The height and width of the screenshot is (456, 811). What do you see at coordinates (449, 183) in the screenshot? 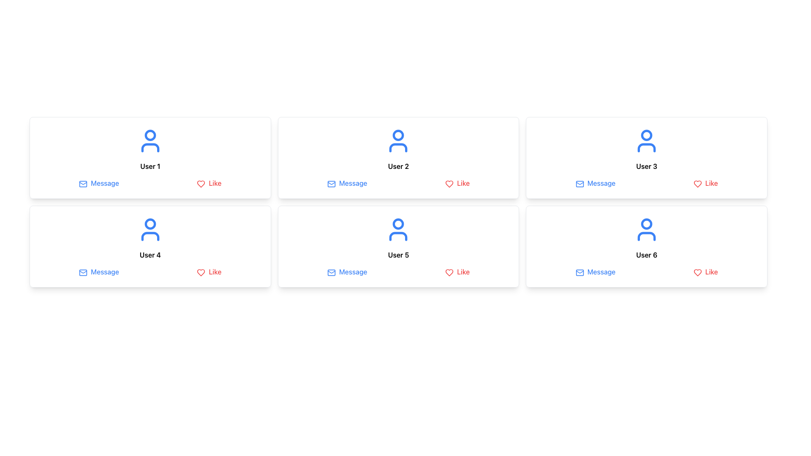
I see `the red outlined heart icon representing the 'like' action, located next to the text 'Like' in the 'Like' button group for user 'User 2'` at bounding box center [449, 183].